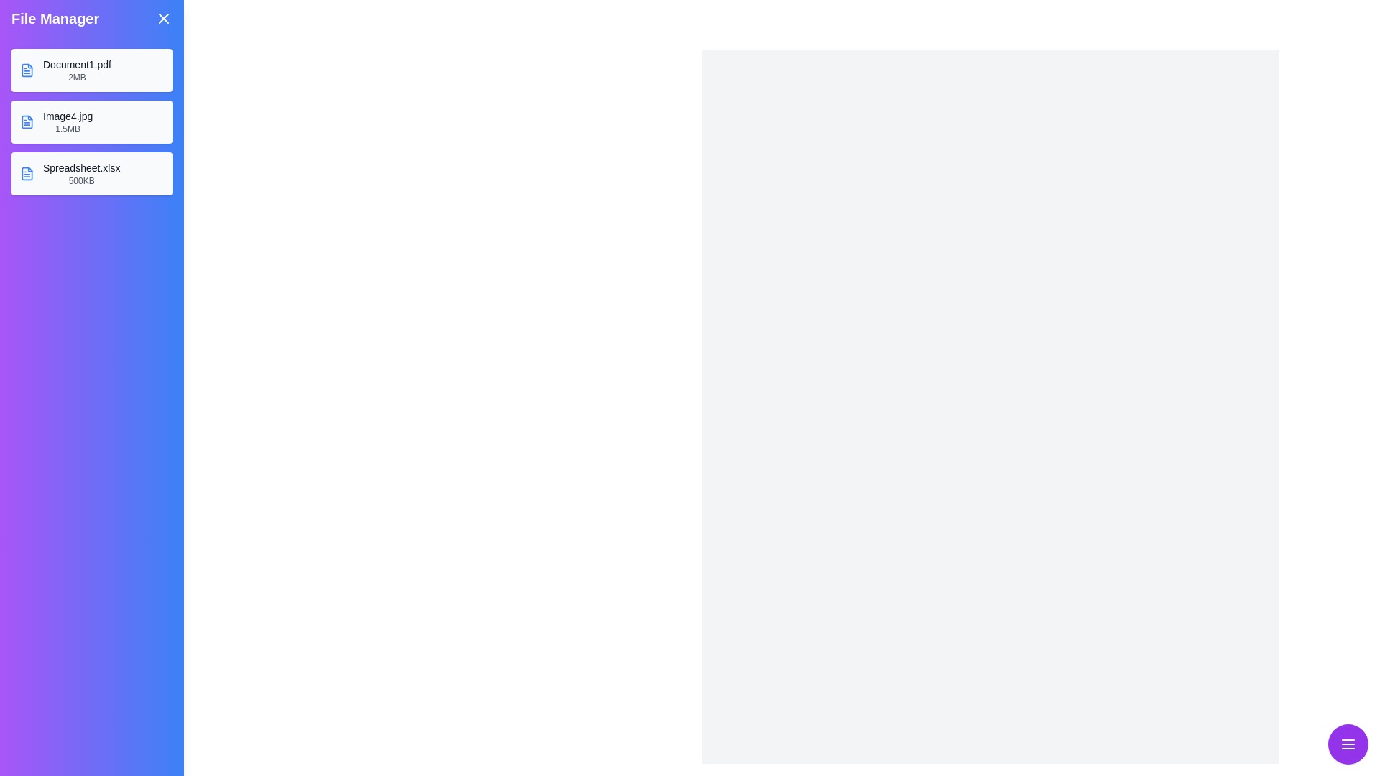 This screenshot has height=776, width=1380. I want to click on the 'Image4.jpg' file card, which is the second item in a vertical list of file cards, so click(91, 121).